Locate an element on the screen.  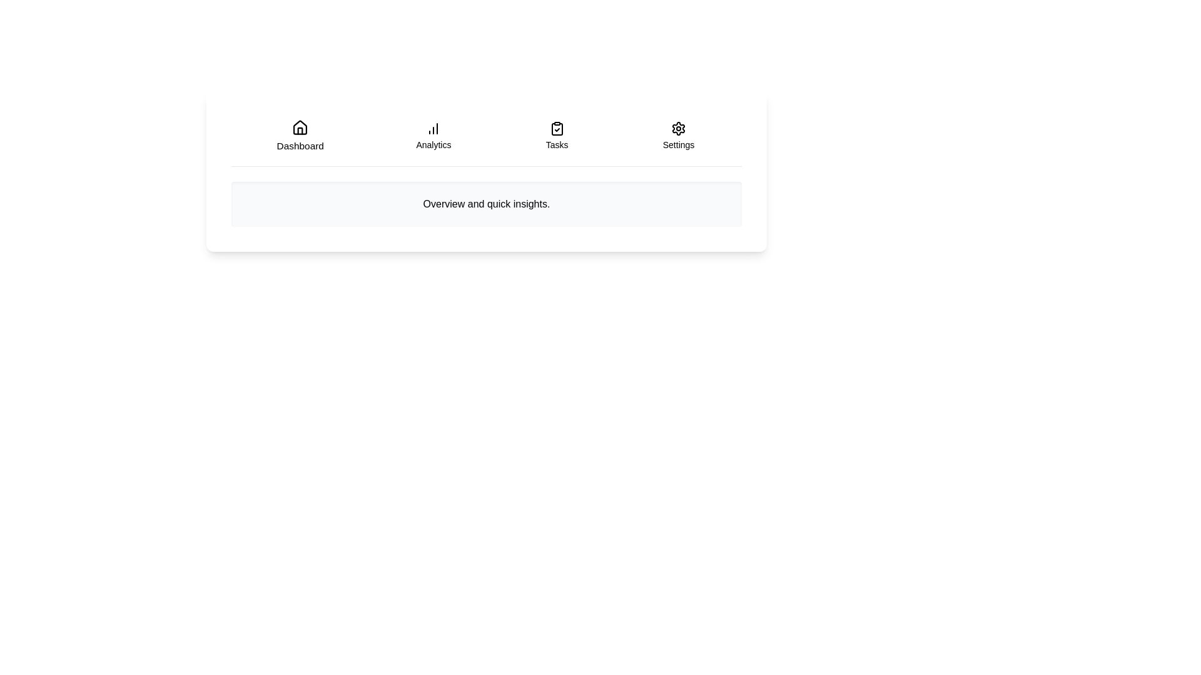
the house icon located above the 'Dashboard' text in the top-left corner of the navigation bar is located at coordinates (299, 127).